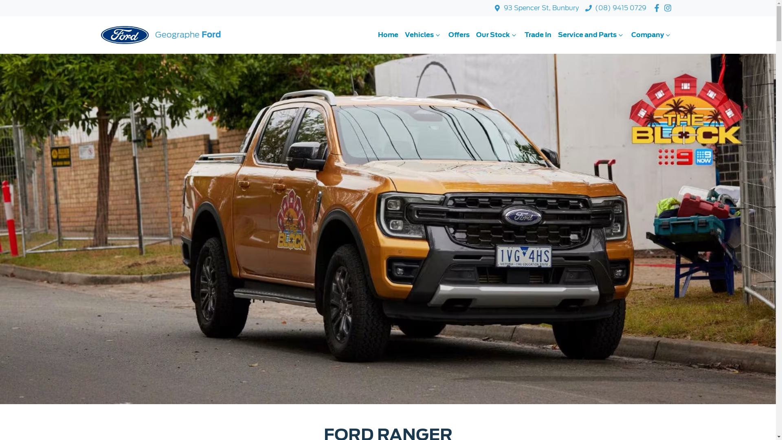 The width and height of the screenshot is (782, 440). What do you see at coordinates (627, 34) in the screenshot?
I see `'Company'` at bounding box center [627, 34].